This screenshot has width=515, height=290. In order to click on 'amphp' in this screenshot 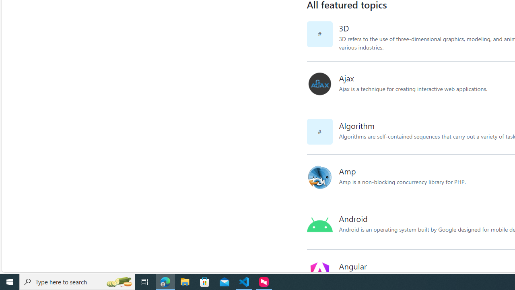, I will do `click(323, 178)`.